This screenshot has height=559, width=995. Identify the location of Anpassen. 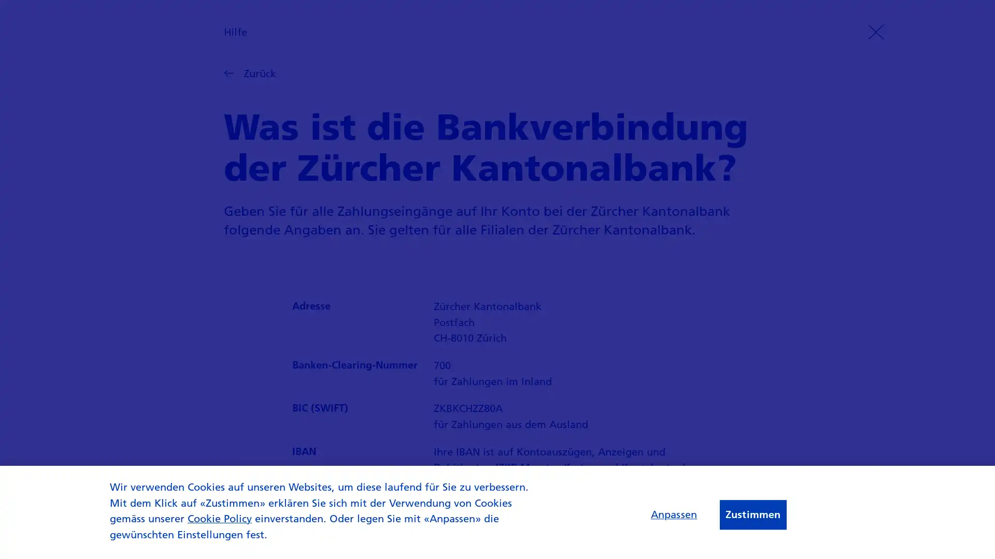
(673, 513).